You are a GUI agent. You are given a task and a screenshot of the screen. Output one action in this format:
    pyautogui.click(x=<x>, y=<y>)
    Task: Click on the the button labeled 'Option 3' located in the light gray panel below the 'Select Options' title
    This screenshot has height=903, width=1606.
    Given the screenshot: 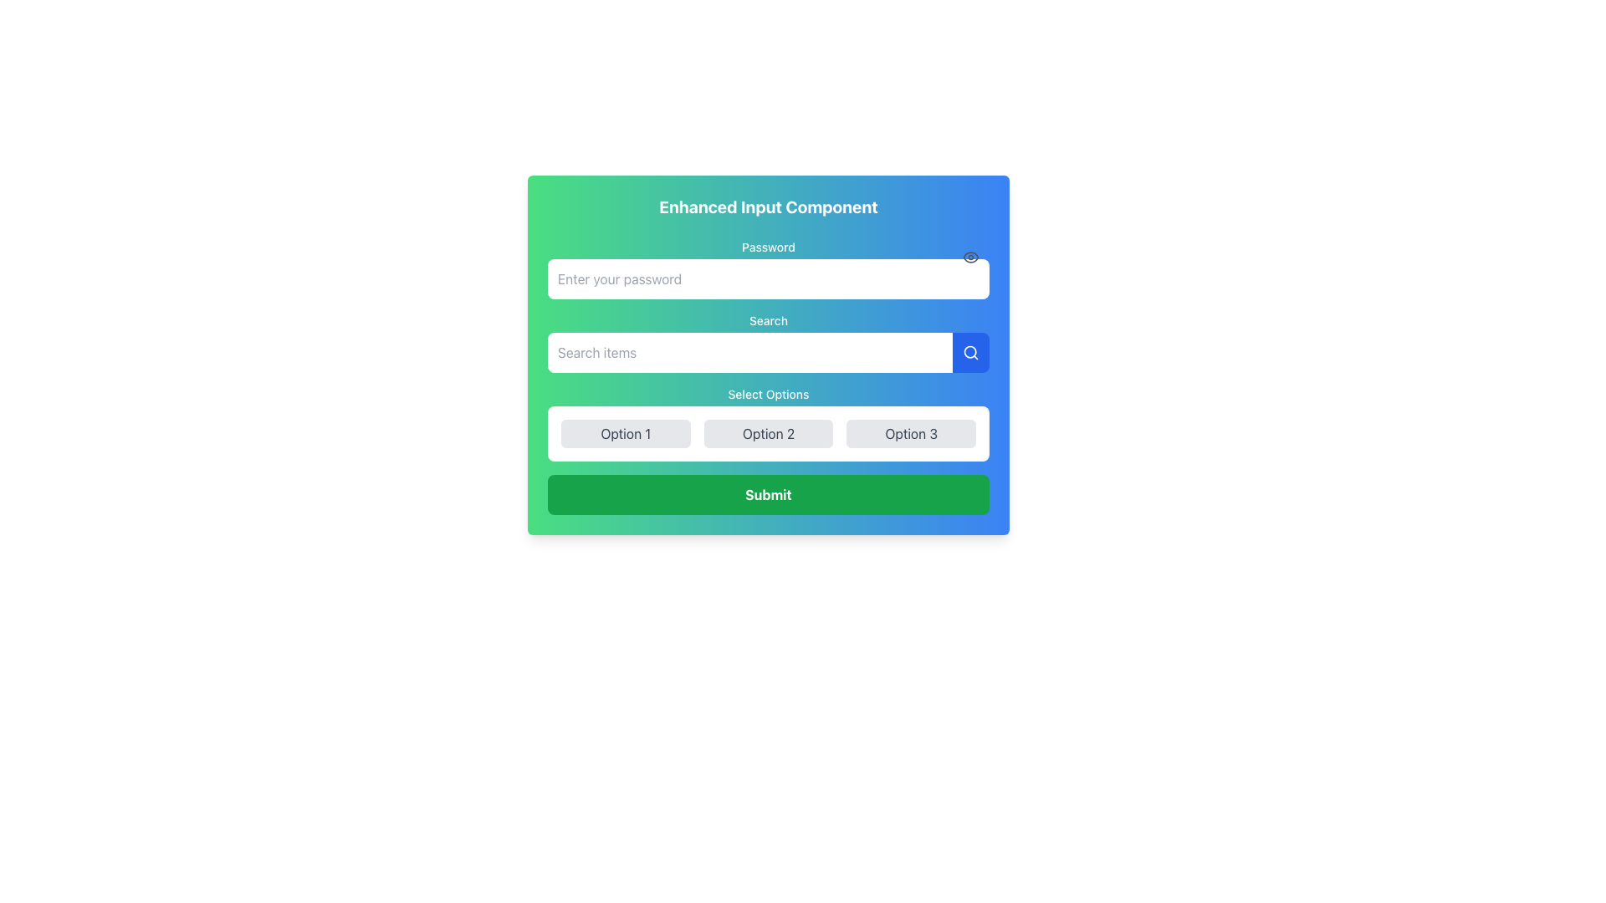 What is the action you would take?
    pyautogui.click(x=910, y=433)
    